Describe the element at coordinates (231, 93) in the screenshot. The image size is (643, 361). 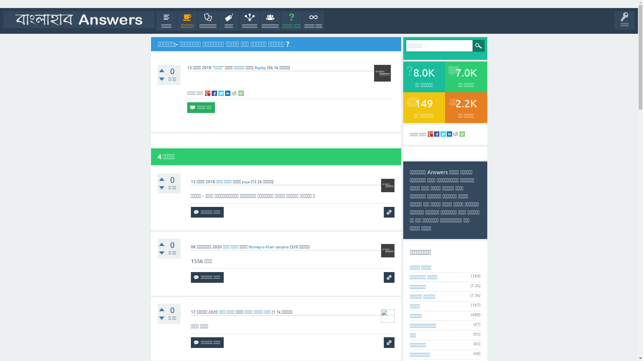
I see `'share on re'` at that location.